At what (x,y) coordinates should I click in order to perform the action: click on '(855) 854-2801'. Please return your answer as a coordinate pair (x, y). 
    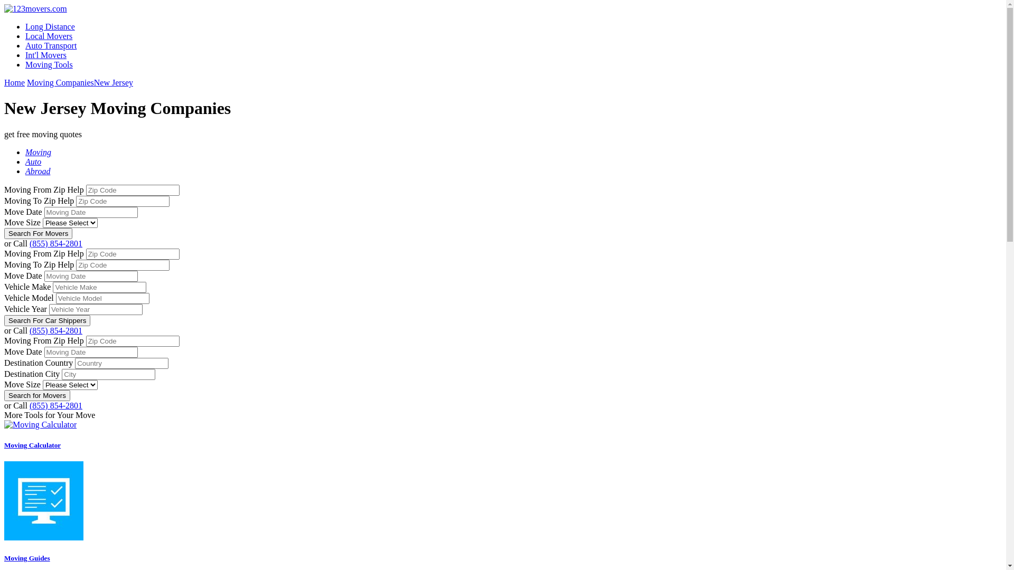
    Looking at the image, I should click on (55, 243).